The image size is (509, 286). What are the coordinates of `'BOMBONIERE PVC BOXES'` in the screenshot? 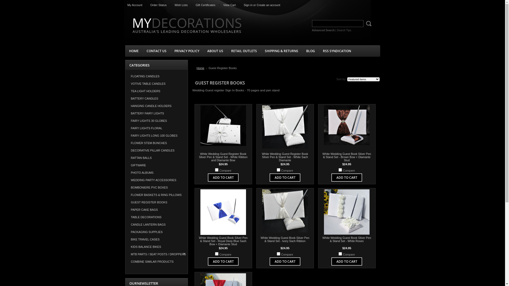 It's located at (156, 187).